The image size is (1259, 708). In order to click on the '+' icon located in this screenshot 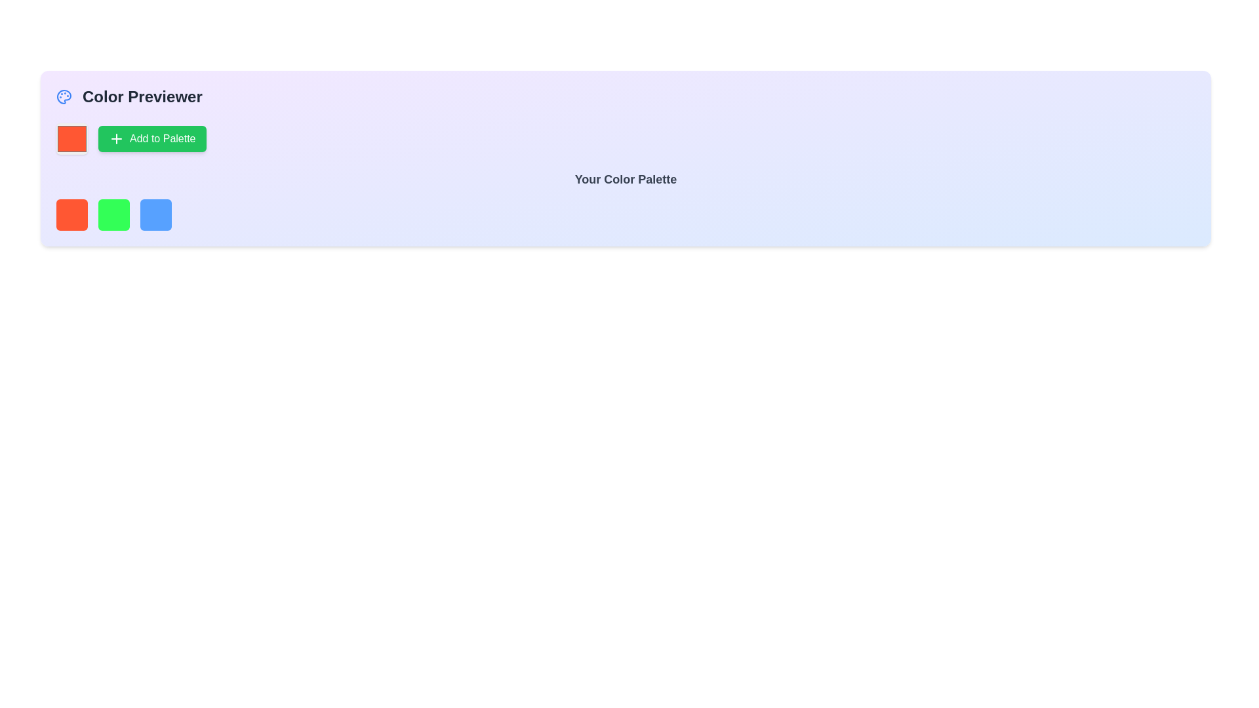, I will do `click(116, 139)`.